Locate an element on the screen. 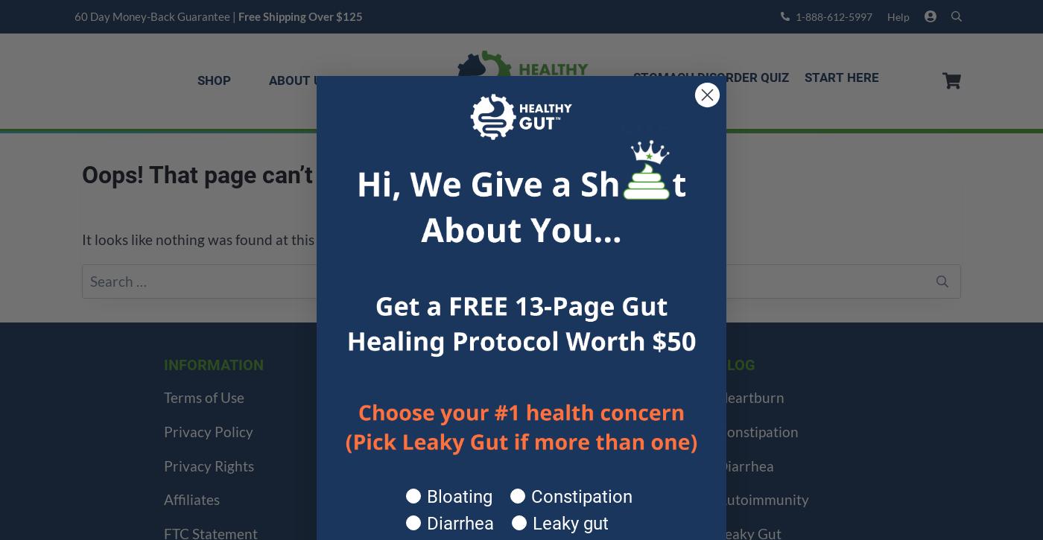  'Terms of Use' is located at coordinates (203, 396).